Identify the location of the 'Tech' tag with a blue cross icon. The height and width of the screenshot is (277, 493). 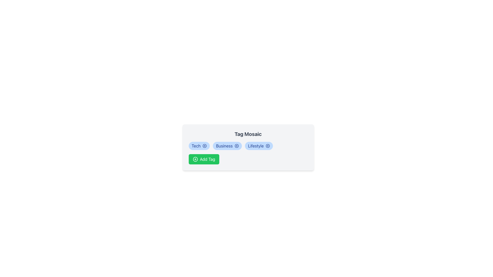
(199, 146).